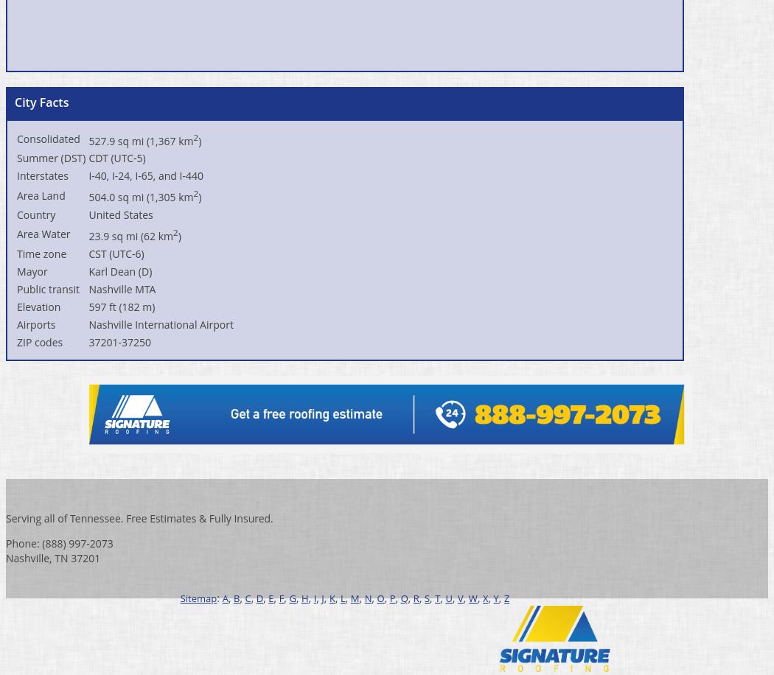  What do you see at coordinates (225, 598) in the screenshot?
I see `'A'` at bounding box center [225, 598].